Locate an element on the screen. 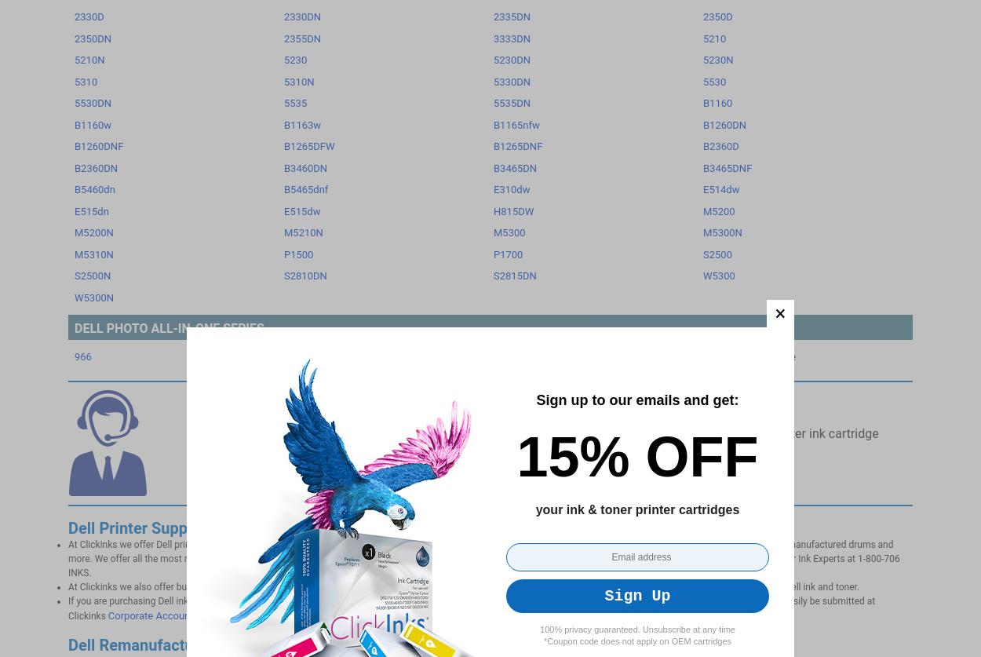  'Login' is located at coordinates (711, 6).